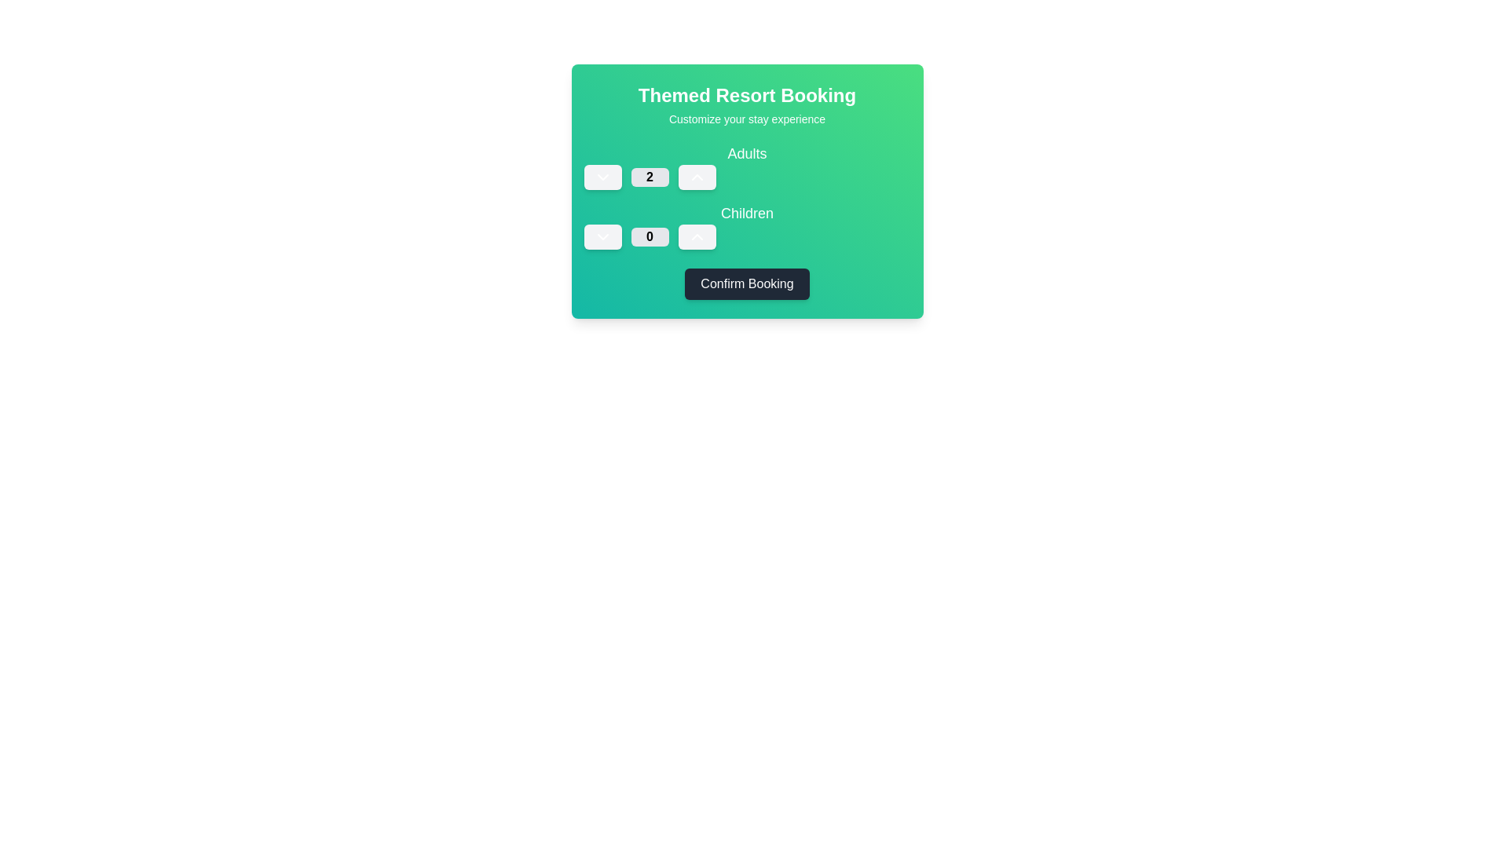 The image size is (1508, 848). I want to click on the 'Confirm Booking' button with rounded corners, dark gray background, and white text located centrally in the bottom section of the 'Themed Resort Booking' card interface to confirm booking, so click(746, 284).